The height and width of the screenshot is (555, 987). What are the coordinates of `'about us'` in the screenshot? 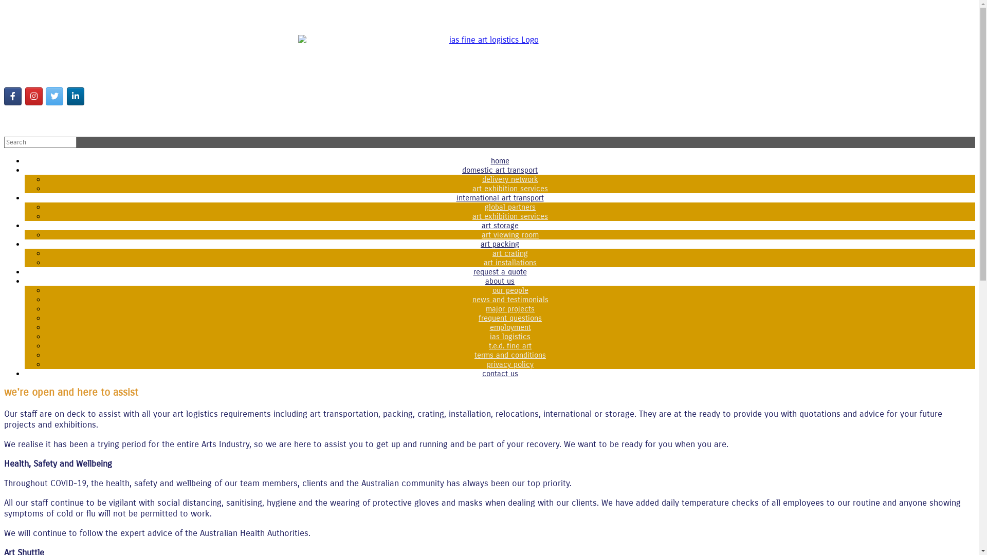 It's located at (500, 281).